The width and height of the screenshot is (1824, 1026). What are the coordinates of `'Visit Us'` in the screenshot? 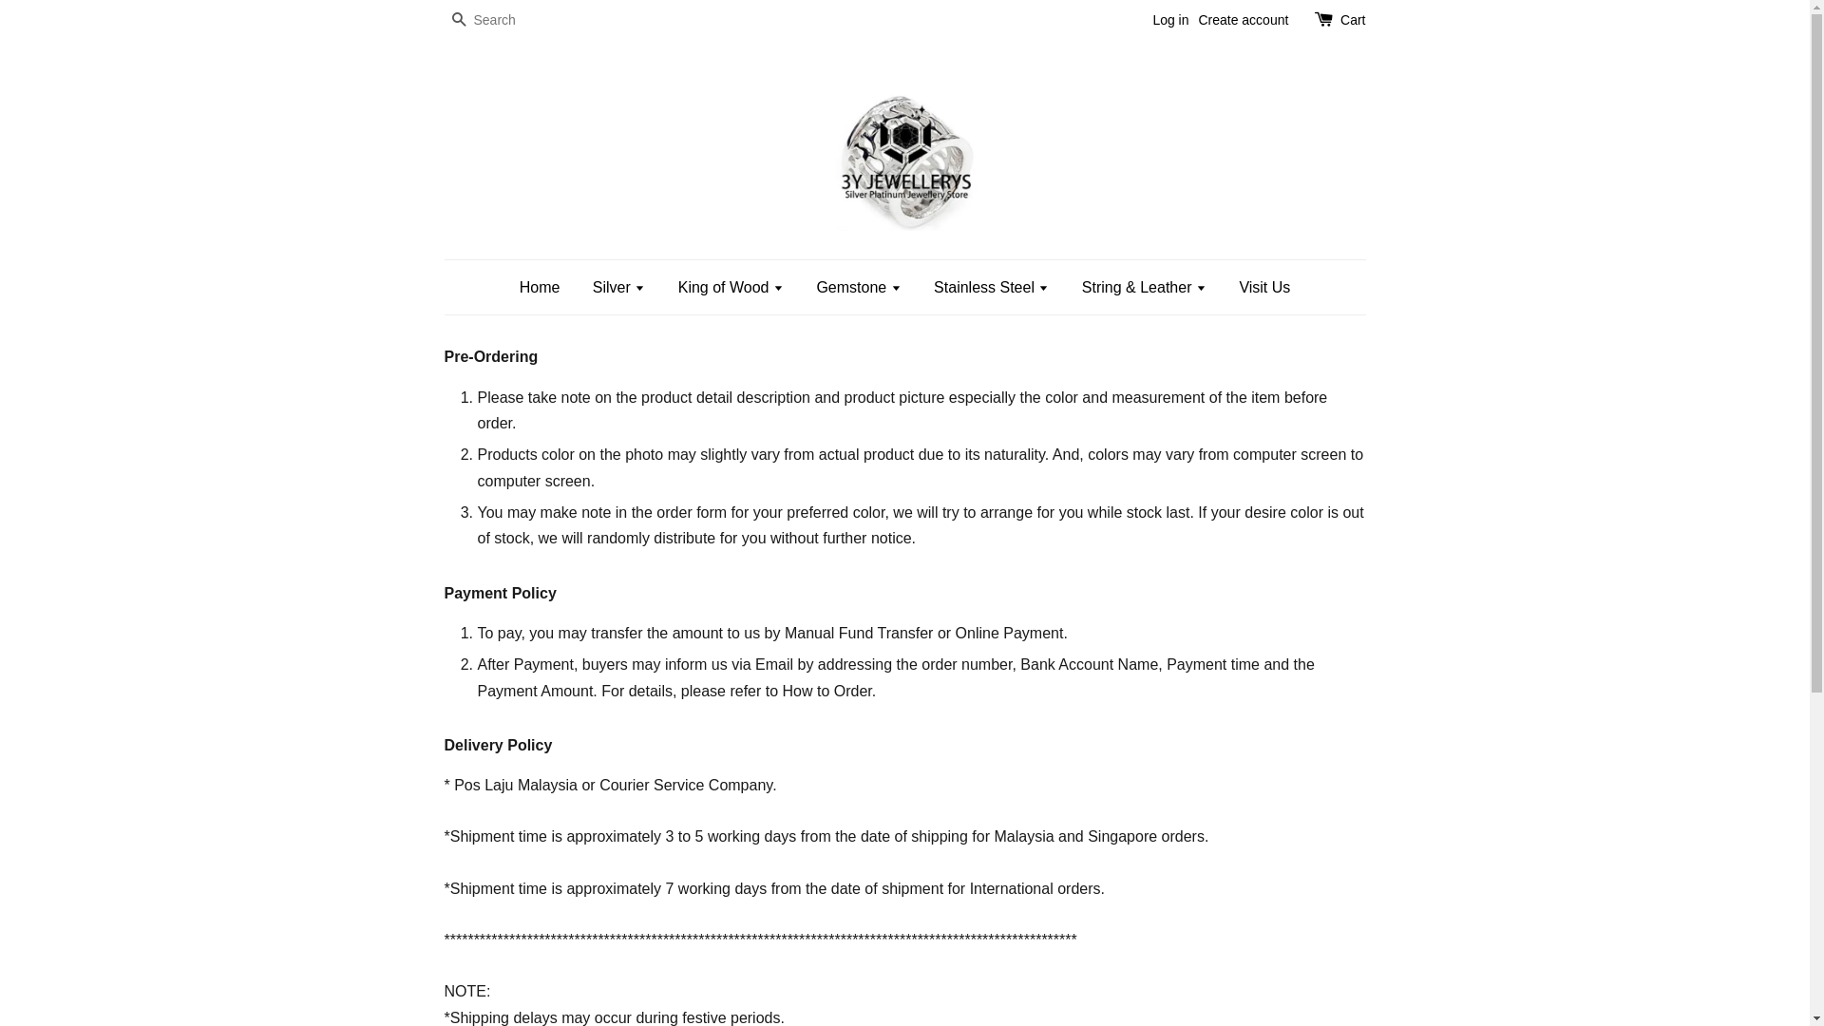 It's located at (1257, 287).